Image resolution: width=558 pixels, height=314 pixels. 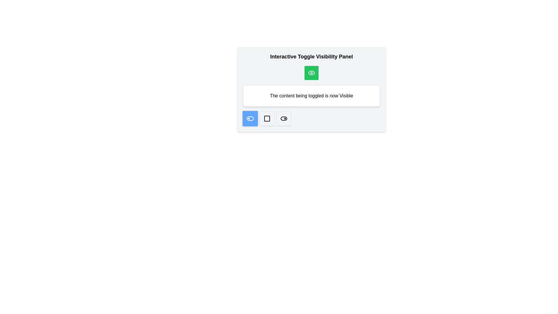 I want to click on the static text label that indicates the visibility state of an interactive element, located below a green eye icon button, centered within a white card near the top of the interface, so click(x=311, y=96).